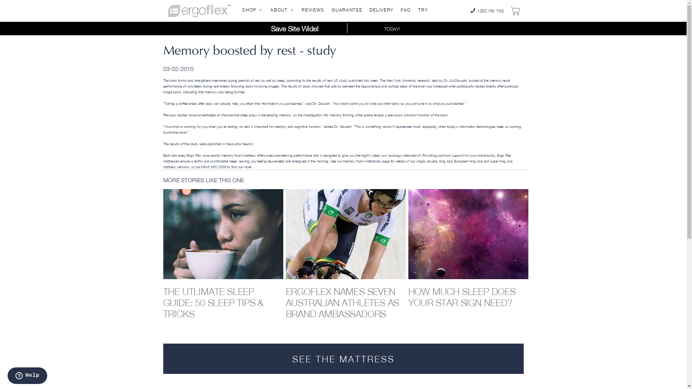 This screenshot has height=389, width=692. What do you see at coordinates (328, 10) in the screenshot?
I see `'GUARANTEE'` at bounding box center [328, 10].